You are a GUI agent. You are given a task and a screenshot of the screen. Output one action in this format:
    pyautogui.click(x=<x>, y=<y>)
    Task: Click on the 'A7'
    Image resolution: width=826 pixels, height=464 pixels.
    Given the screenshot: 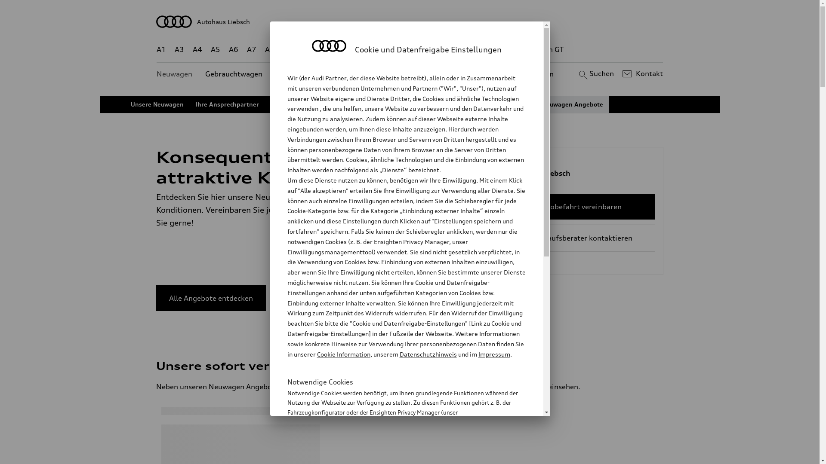 What is the action you would take?
    pyautogui.click(x=251, y=49)
    